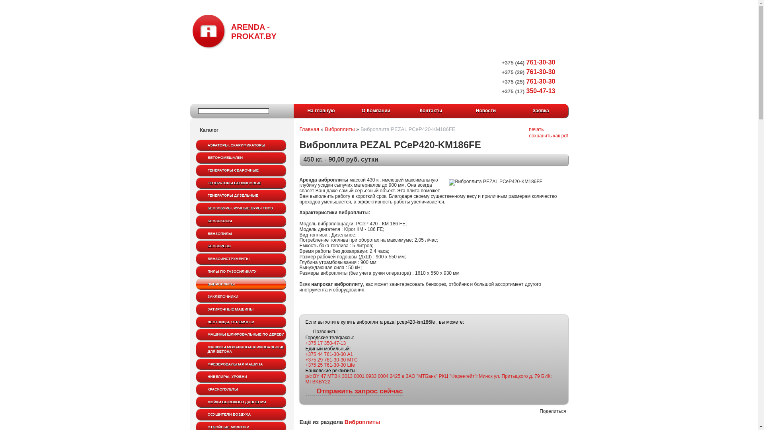 This screenshot has height=430, width=764. I want to click on '+375 (25) 761-30-30', so click(501, 81).